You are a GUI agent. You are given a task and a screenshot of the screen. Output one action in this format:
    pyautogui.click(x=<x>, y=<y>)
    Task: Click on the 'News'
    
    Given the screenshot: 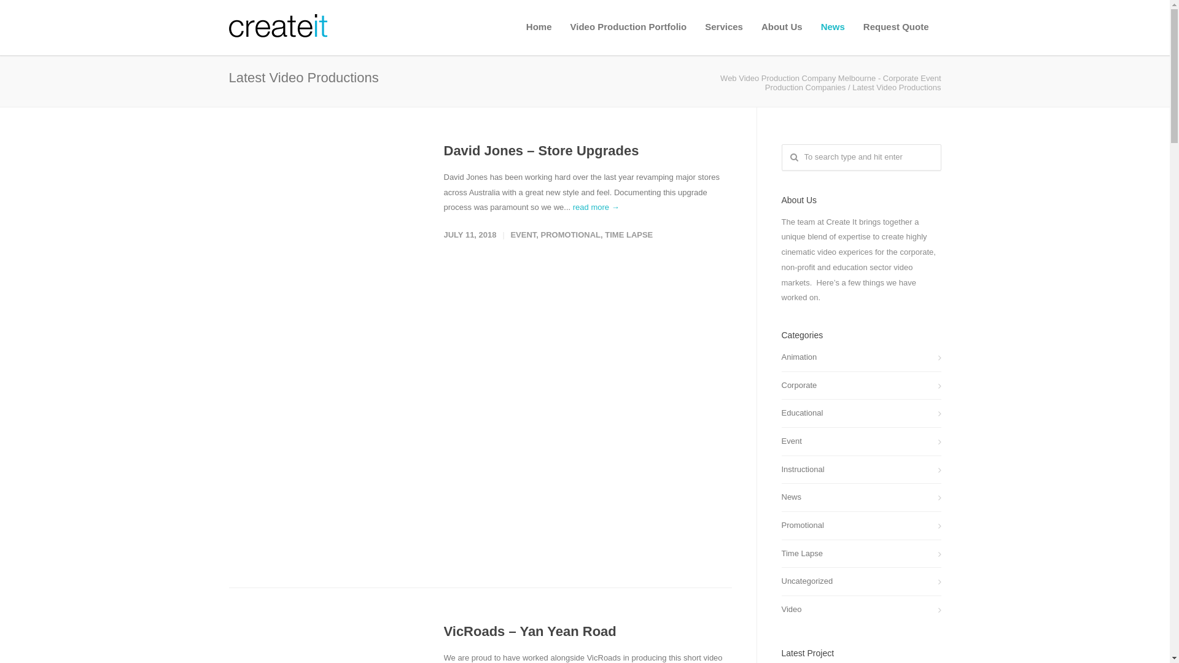 What is the action you would take?
    pyautogui.click(x=860, y=497)
    